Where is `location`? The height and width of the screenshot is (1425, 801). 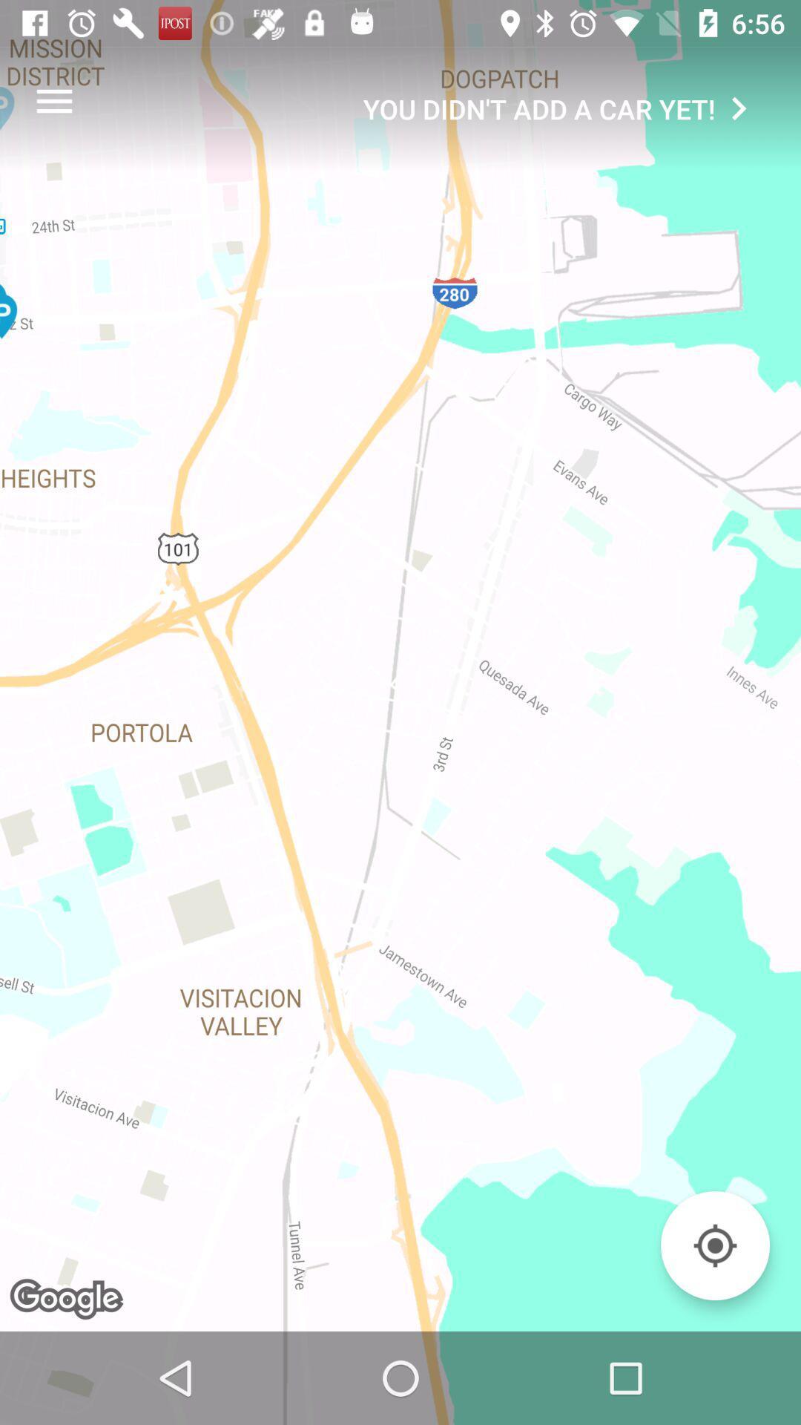
location is located at coordinates (714, 1245).